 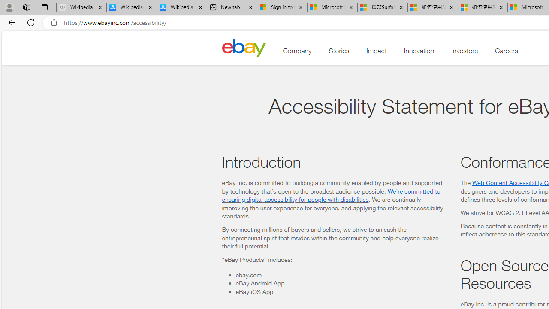 I want to click on 'Company', so click(x=297, y=53).